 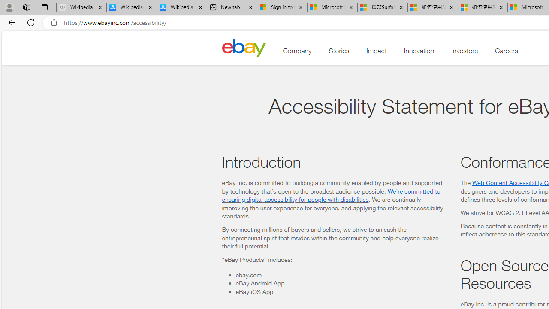 I want to click on 'Company', so click(x=297, y=53).